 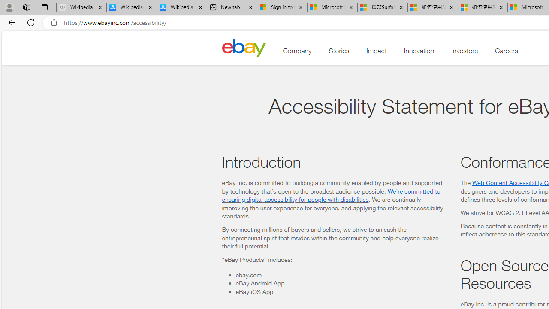 I want to click on 'Company', so click(x=297, y=53).